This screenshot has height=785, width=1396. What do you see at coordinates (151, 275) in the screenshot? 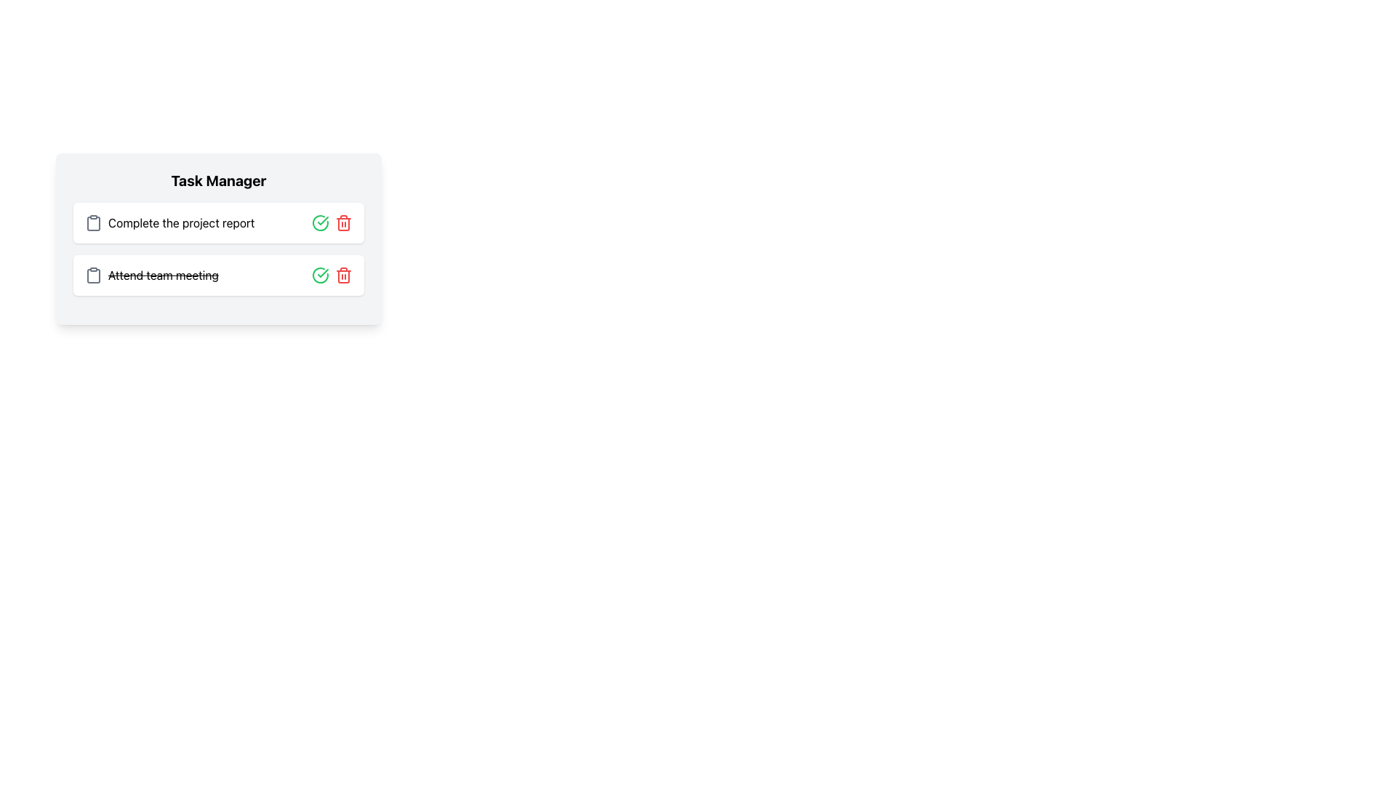
I see `text content of the completed task labeled 'Attend team meeting' which is visually indicated by a line-through style` at bounding box center [151, 275].